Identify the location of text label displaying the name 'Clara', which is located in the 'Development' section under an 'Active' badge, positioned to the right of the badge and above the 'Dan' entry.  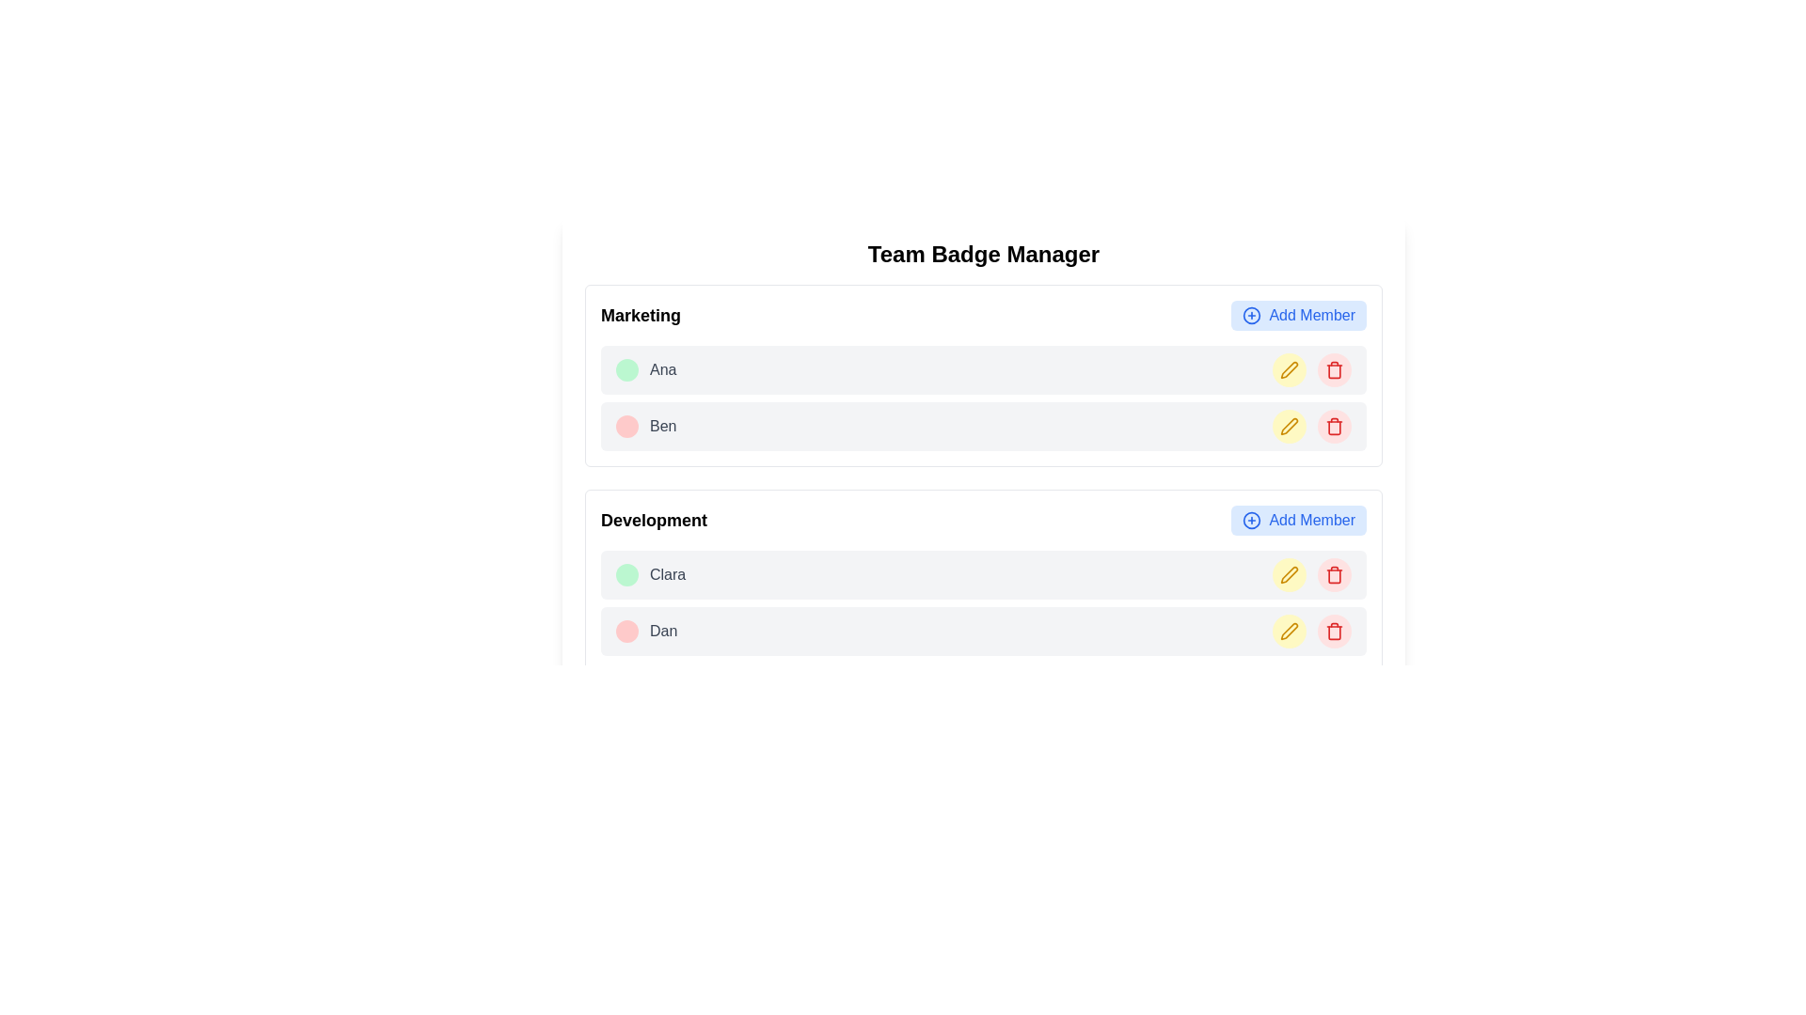
(668, 574).